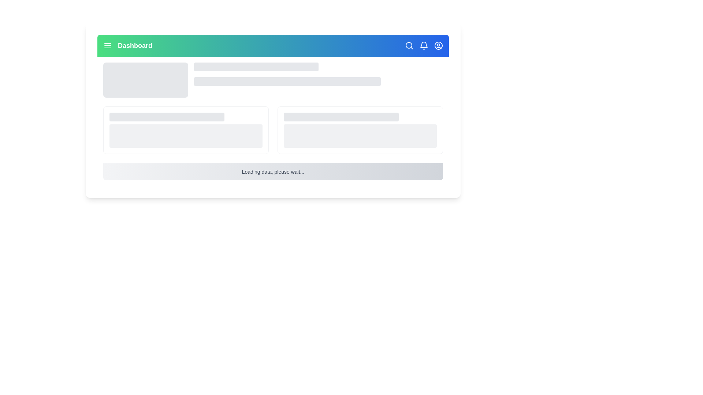 The height and width of the screenshot is (395, 703). I want to click on the magnifying glass icon located on the top-right section of the interface within a blue bar, so click(409, 45).